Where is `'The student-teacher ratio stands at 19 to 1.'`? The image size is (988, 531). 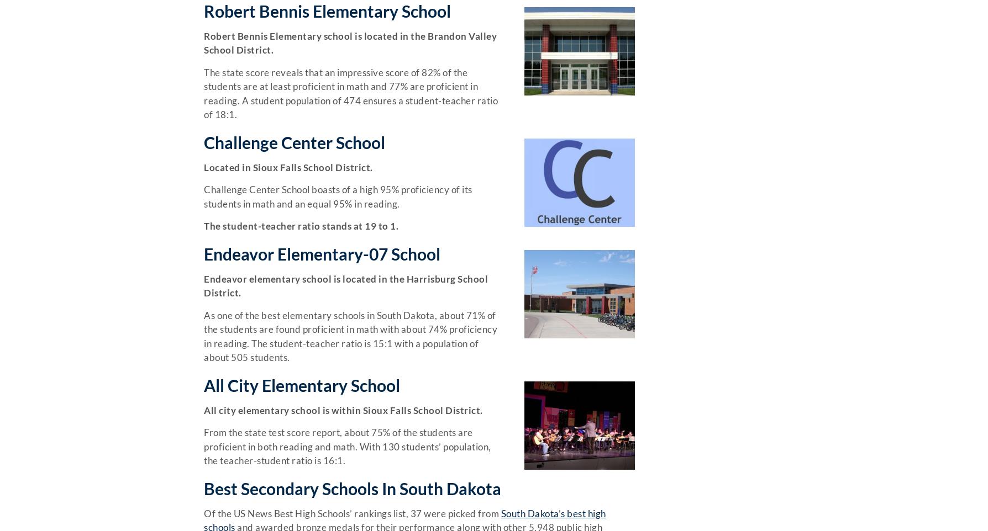
'The student-teacher ratio stands at 19 to 1.' is located at coordinates (203, 225).